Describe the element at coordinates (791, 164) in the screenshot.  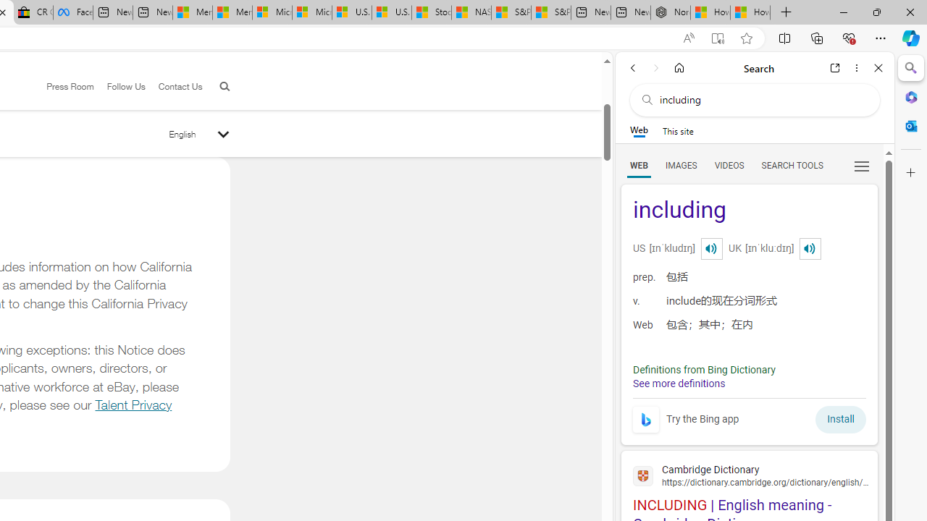
I see `'SEARCH TOOLS'` at that location.